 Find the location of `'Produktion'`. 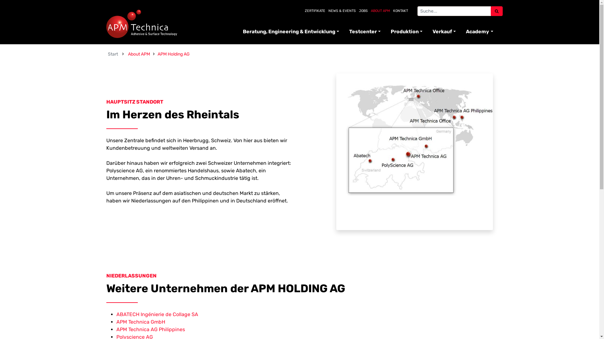

'Produktion' is located at coordinates (385, 31).